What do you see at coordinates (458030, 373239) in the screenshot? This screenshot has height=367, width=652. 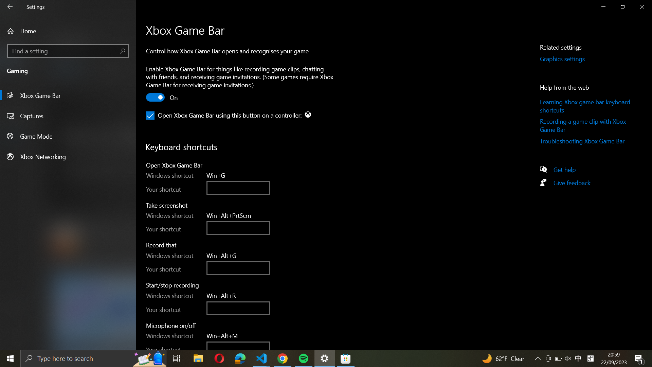 I see `Add the shortcut "Win+M" for turning on/off the microphone` at bounding box center [458030, 373239].